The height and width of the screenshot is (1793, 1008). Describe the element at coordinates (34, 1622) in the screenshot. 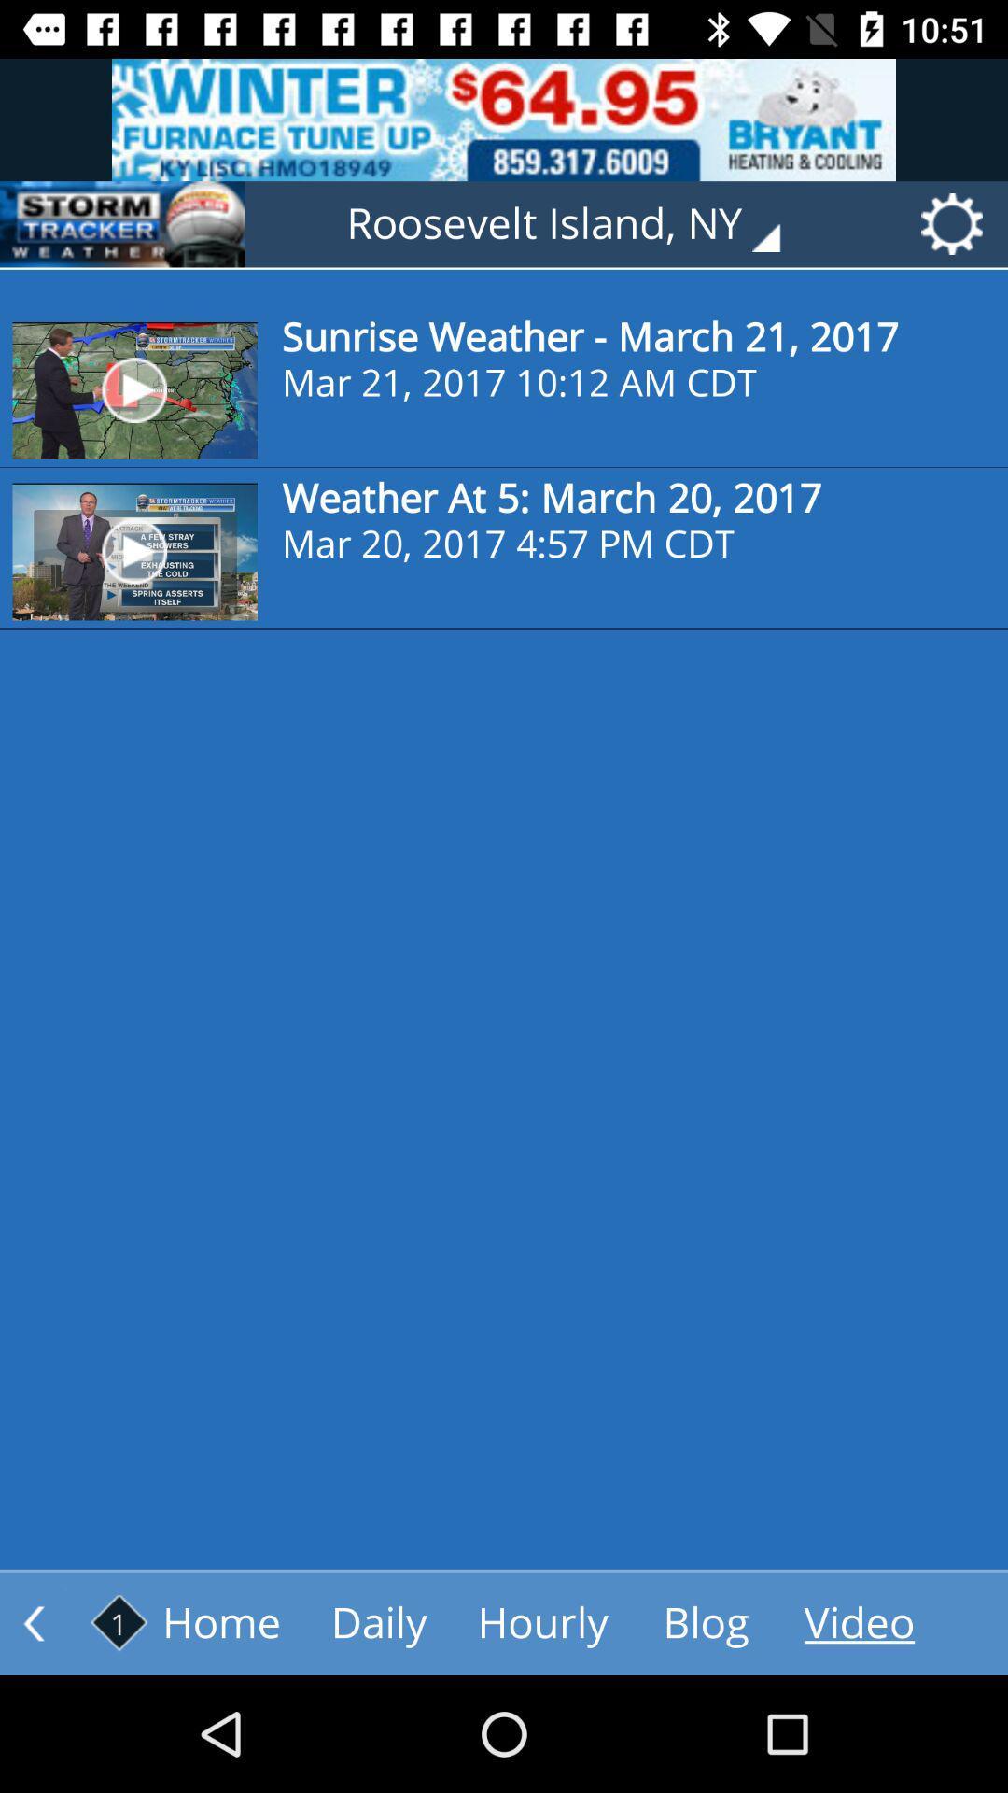

I see `to return` at that location.